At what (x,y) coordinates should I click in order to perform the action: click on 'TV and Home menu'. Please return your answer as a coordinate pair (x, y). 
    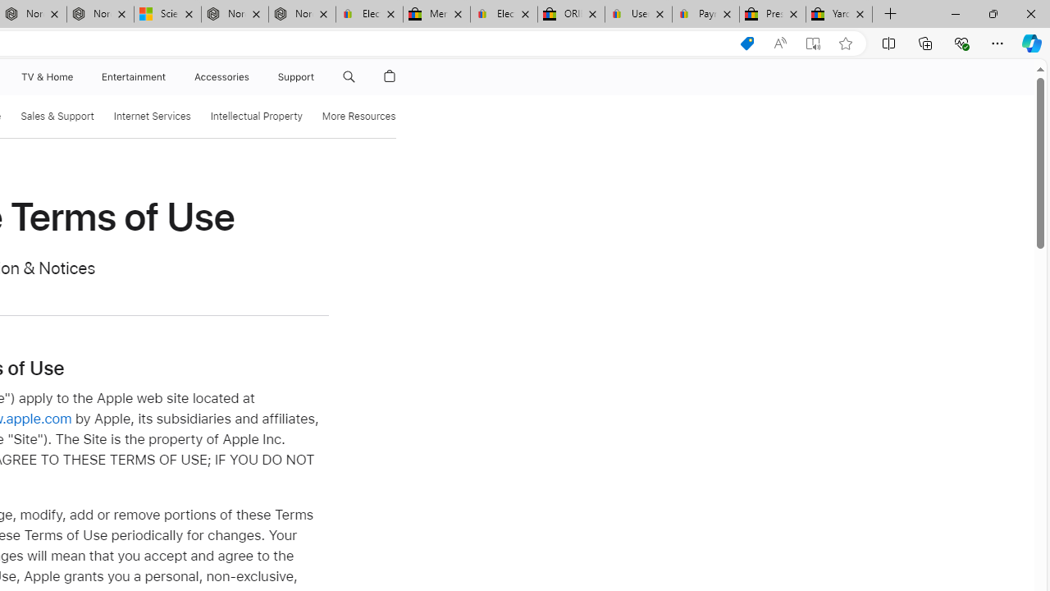
    Looking at the image, I should click on (75, 76).